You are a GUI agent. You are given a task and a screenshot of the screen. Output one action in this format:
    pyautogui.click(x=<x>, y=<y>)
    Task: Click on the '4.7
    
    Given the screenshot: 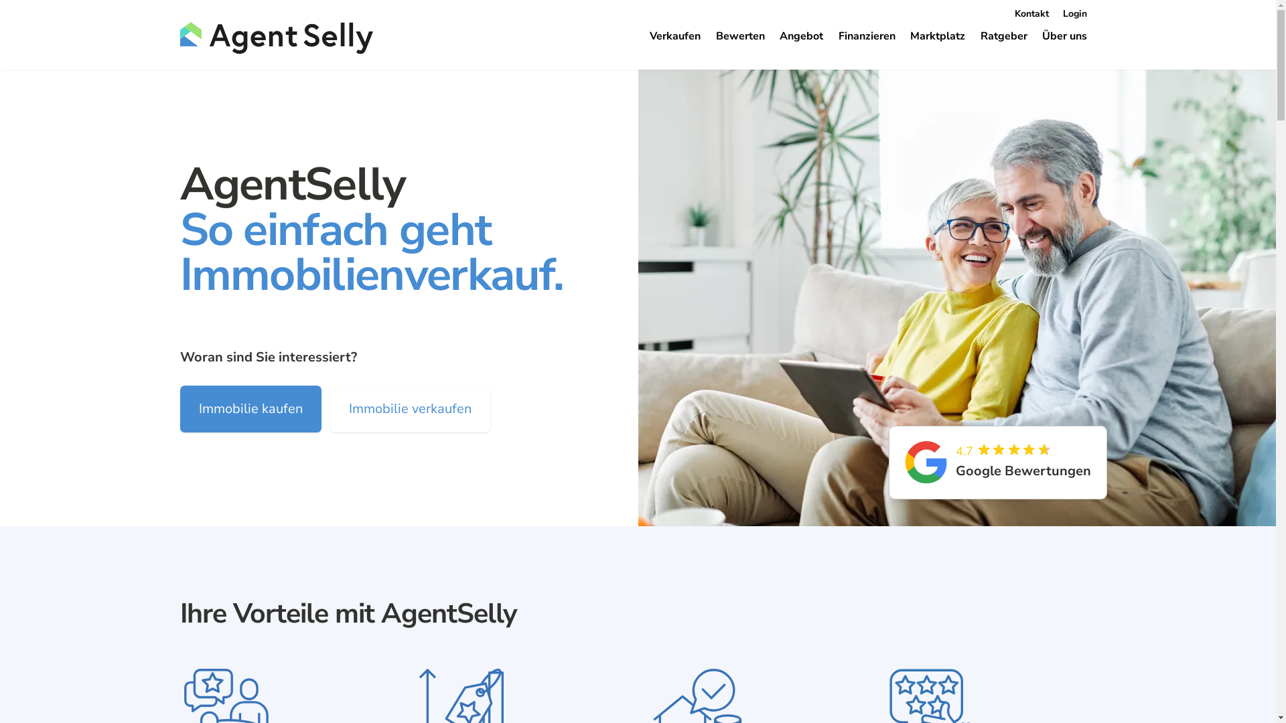 What is the action you would take?
    pyautogui.click(x=997, y=461)
    